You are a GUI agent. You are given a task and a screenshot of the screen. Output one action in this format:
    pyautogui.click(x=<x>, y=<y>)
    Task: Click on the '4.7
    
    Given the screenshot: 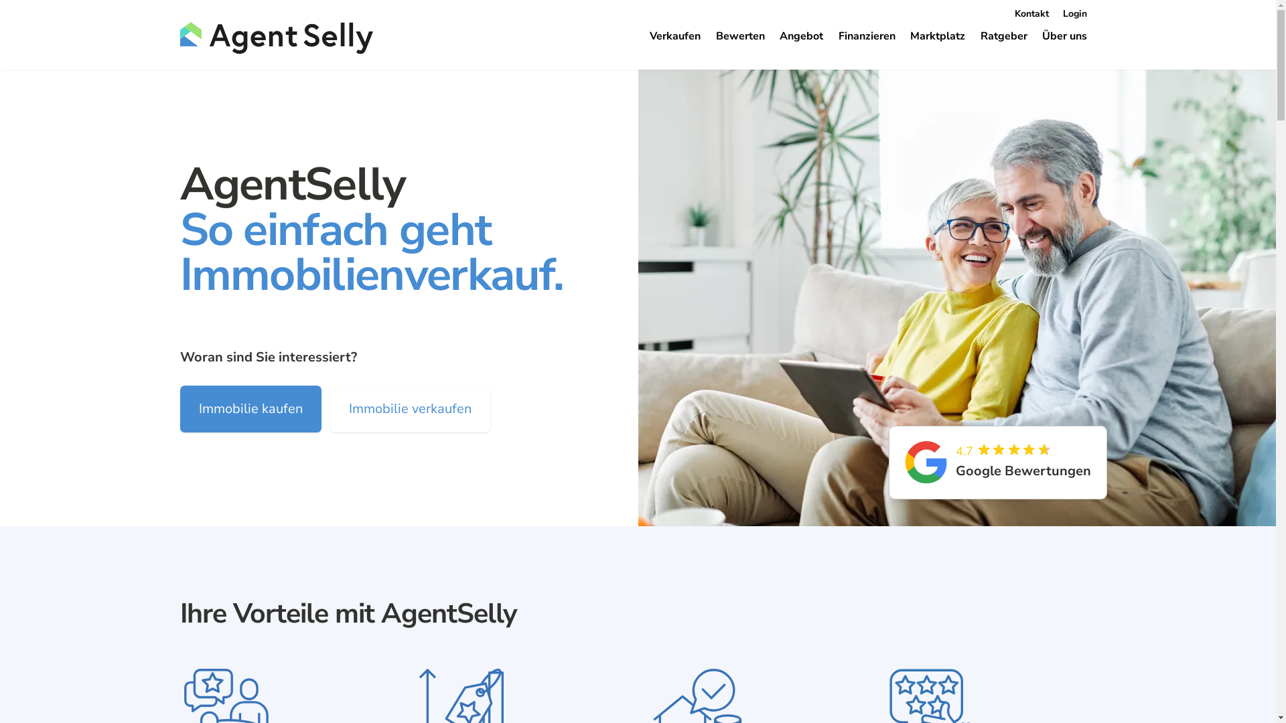 What is the action you would take?
    pyautogui.click(x=997, y=461)
    